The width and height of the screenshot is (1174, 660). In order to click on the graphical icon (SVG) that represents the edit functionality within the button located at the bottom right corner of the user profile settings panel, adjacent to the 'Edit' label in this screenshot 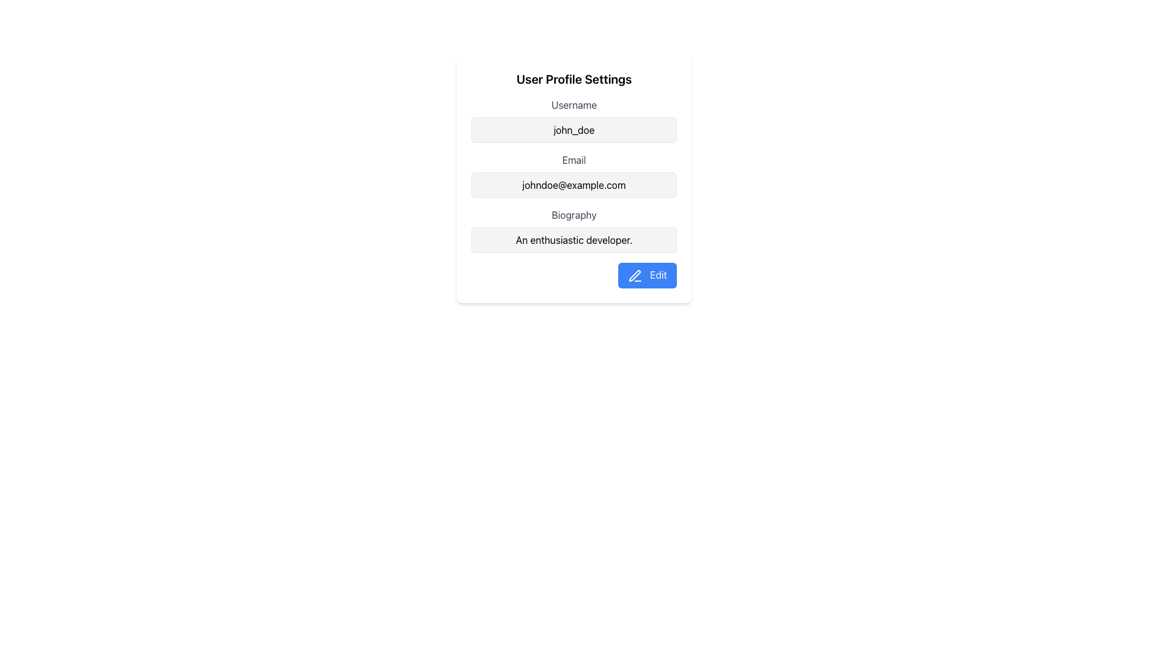, I will do `click(635, 276)`.